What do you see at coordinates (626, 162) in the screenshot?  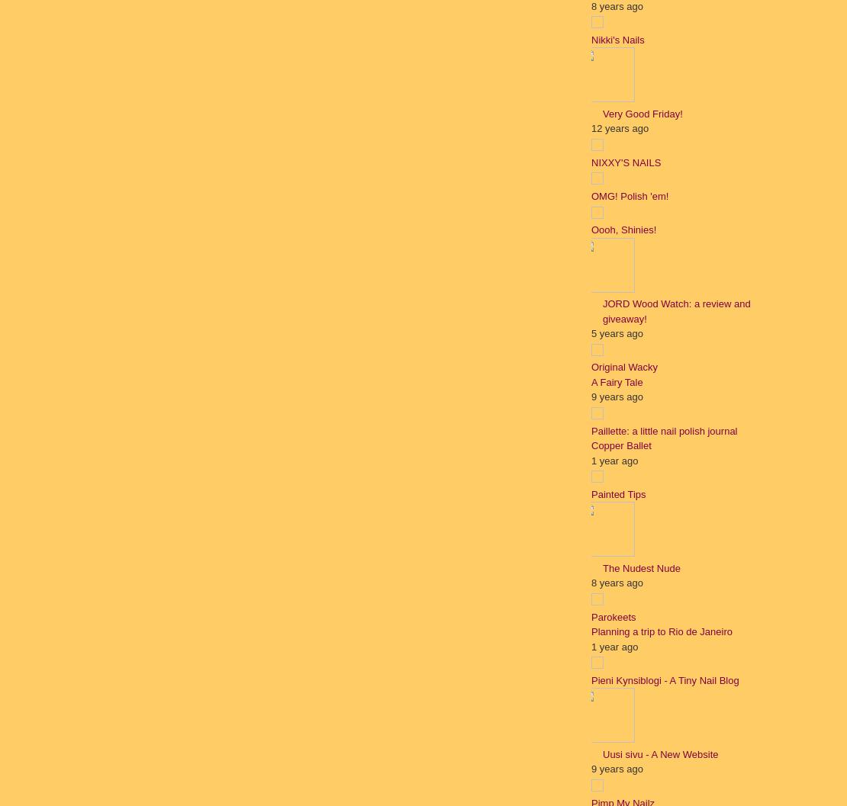 I see `'NIXXY'S NAILS'` at bounding box center [626, 162].